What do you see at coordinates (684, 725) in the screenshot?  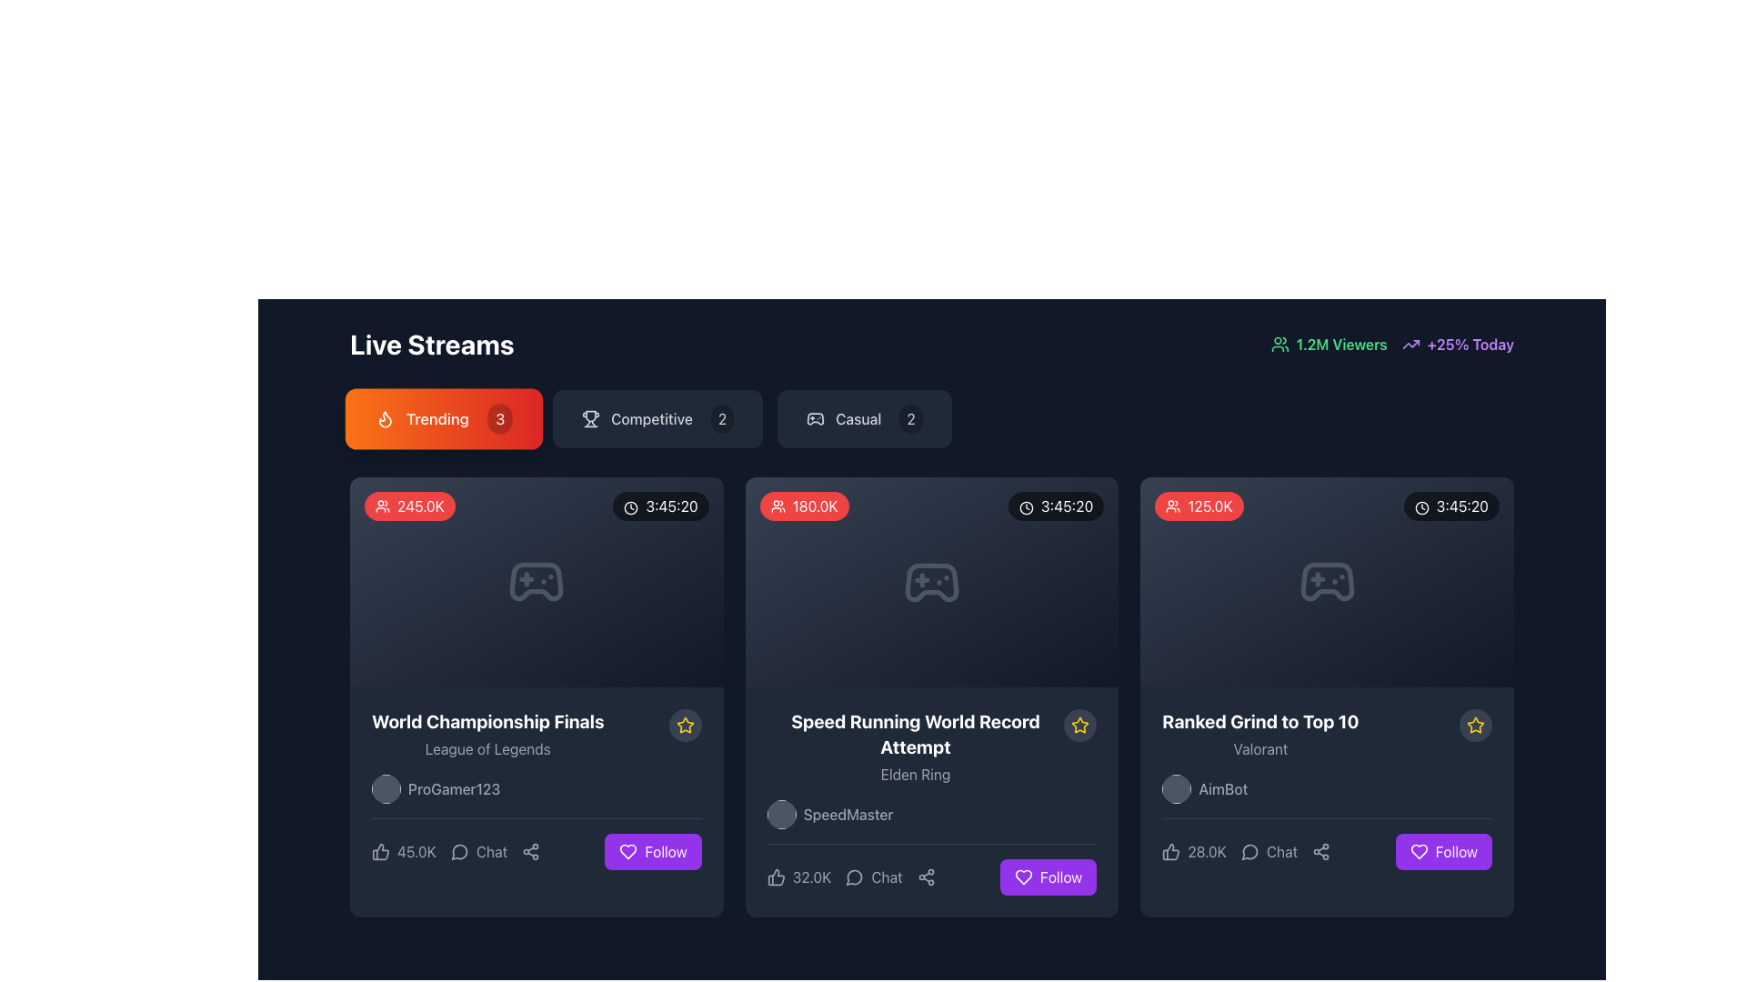 I see `the bookmarking button located at the top-right corner of the 'World Championship Finals' card` at bounding box center [684, 725].